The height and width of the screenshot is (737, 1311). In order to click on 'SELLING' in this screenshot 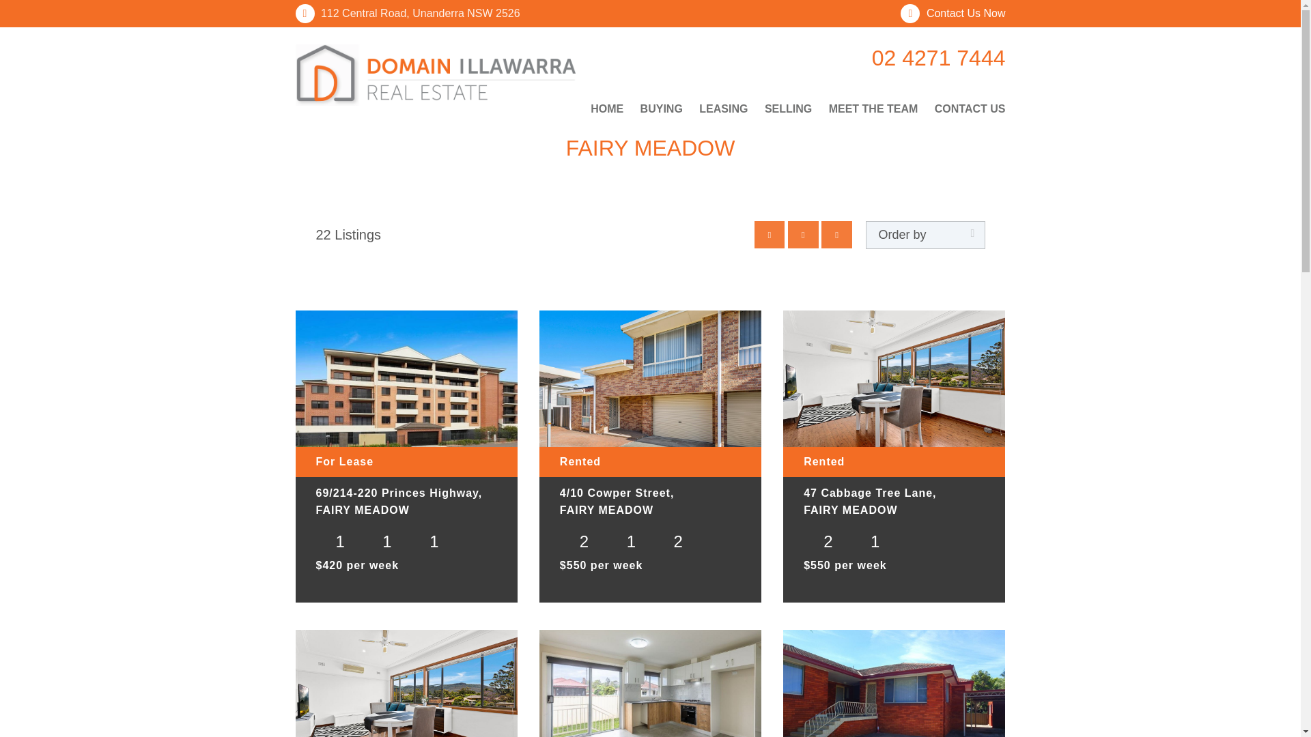, I will do `click(788, 108)`.